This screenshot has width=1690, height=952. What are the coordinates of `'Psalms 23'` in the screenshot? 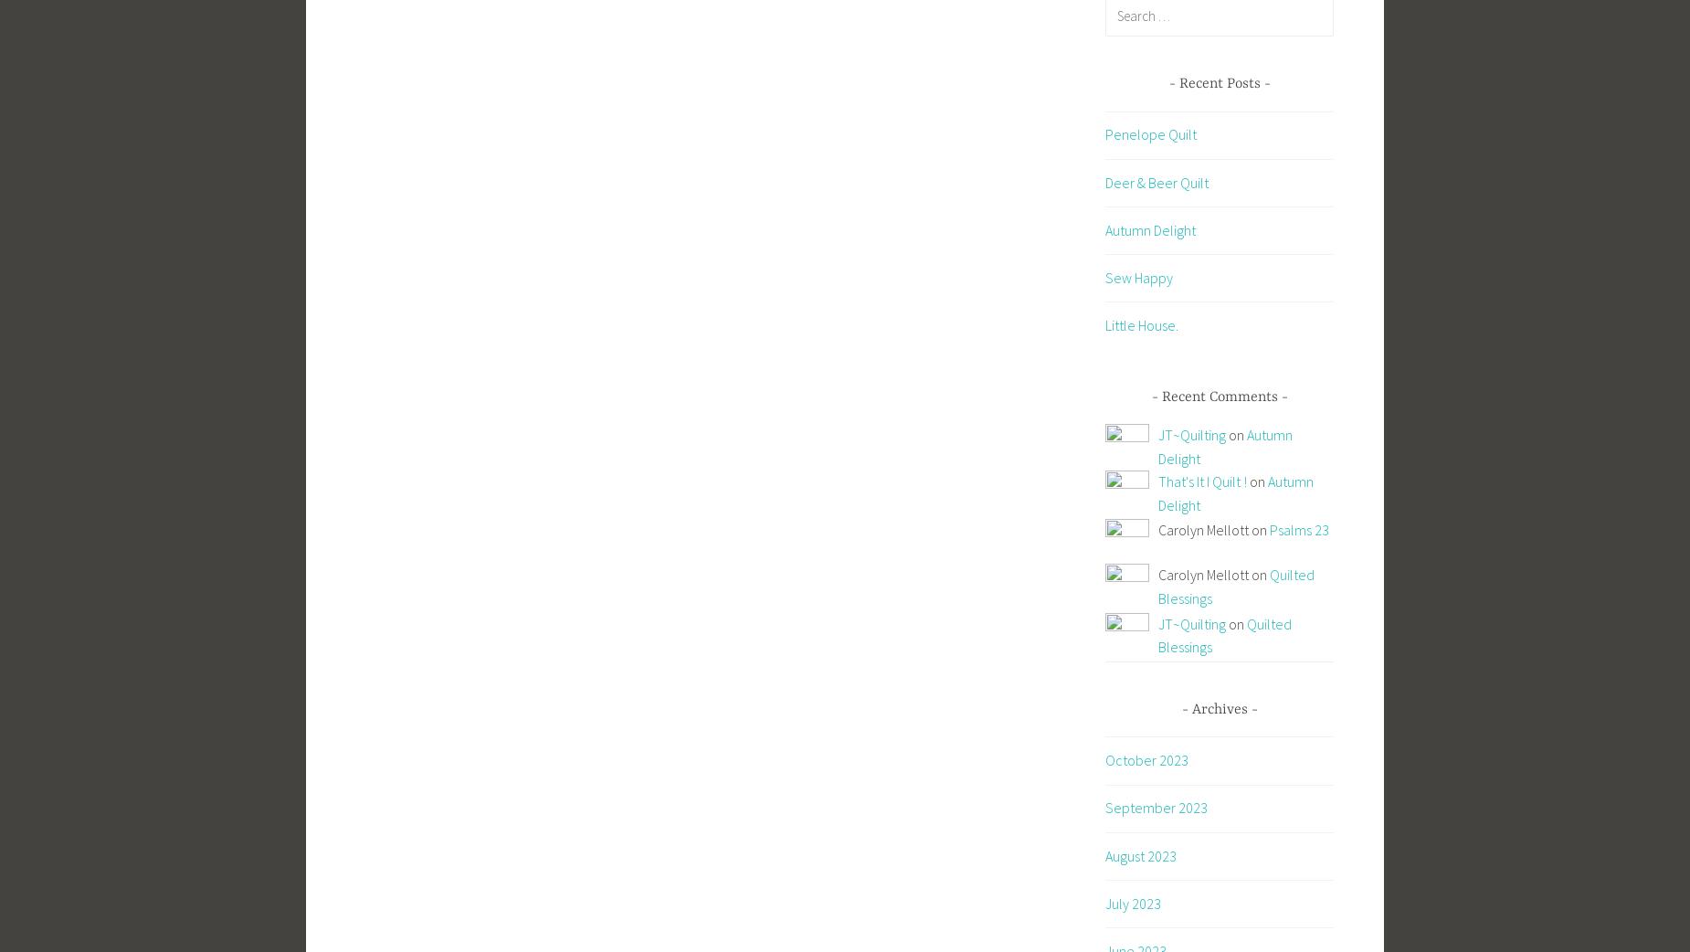 It's located at (1299, 528).